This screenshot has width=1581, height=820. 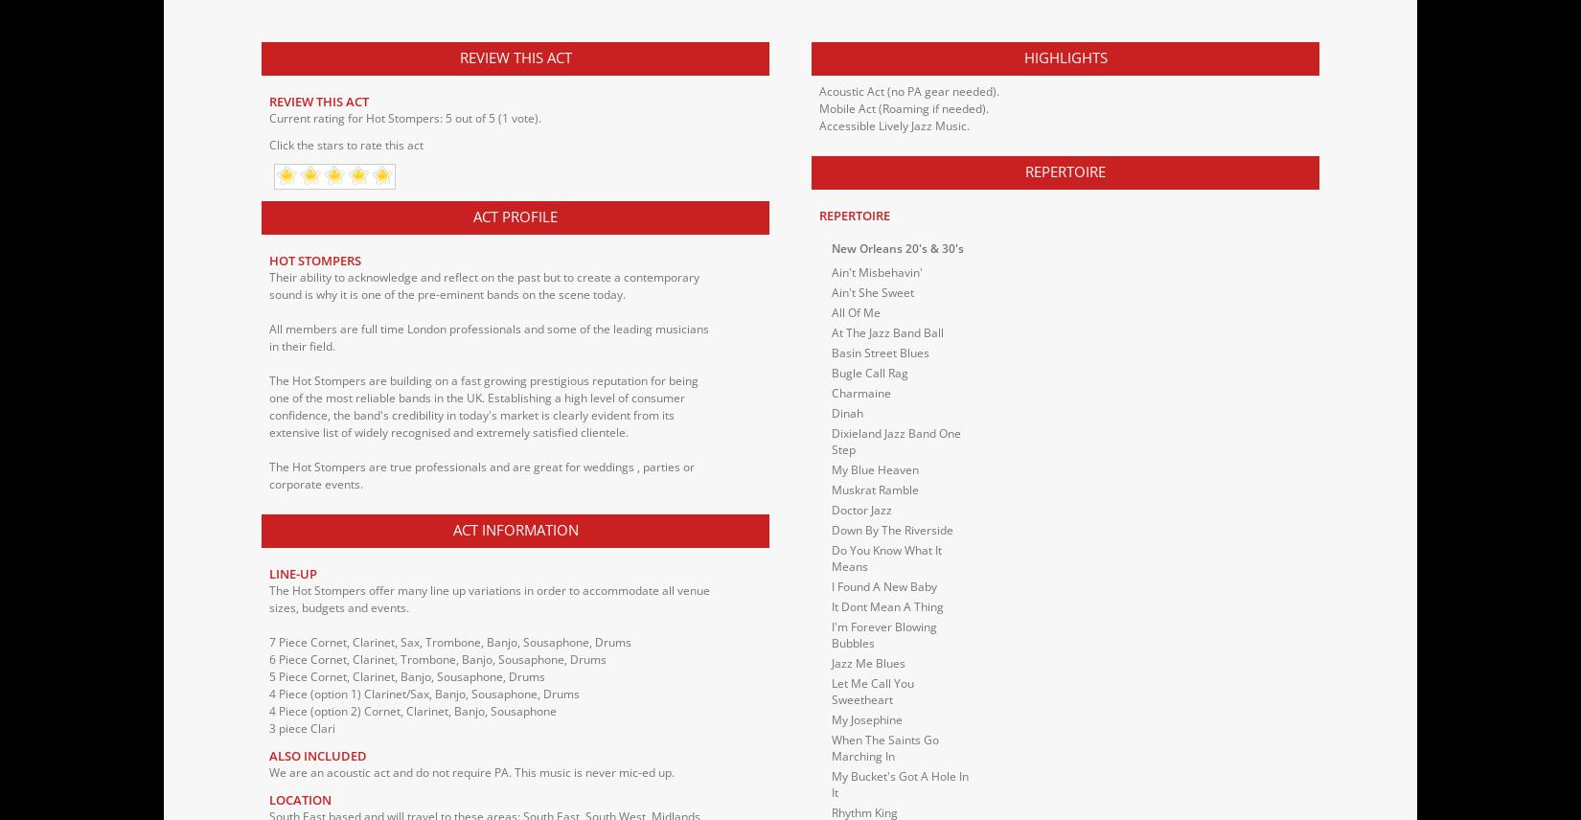 I want to click on '7 Piece Cornet, Clarinet, Sax, Trombone, Banjo, Sousaphone, Drums', so click(x=448, y=641).